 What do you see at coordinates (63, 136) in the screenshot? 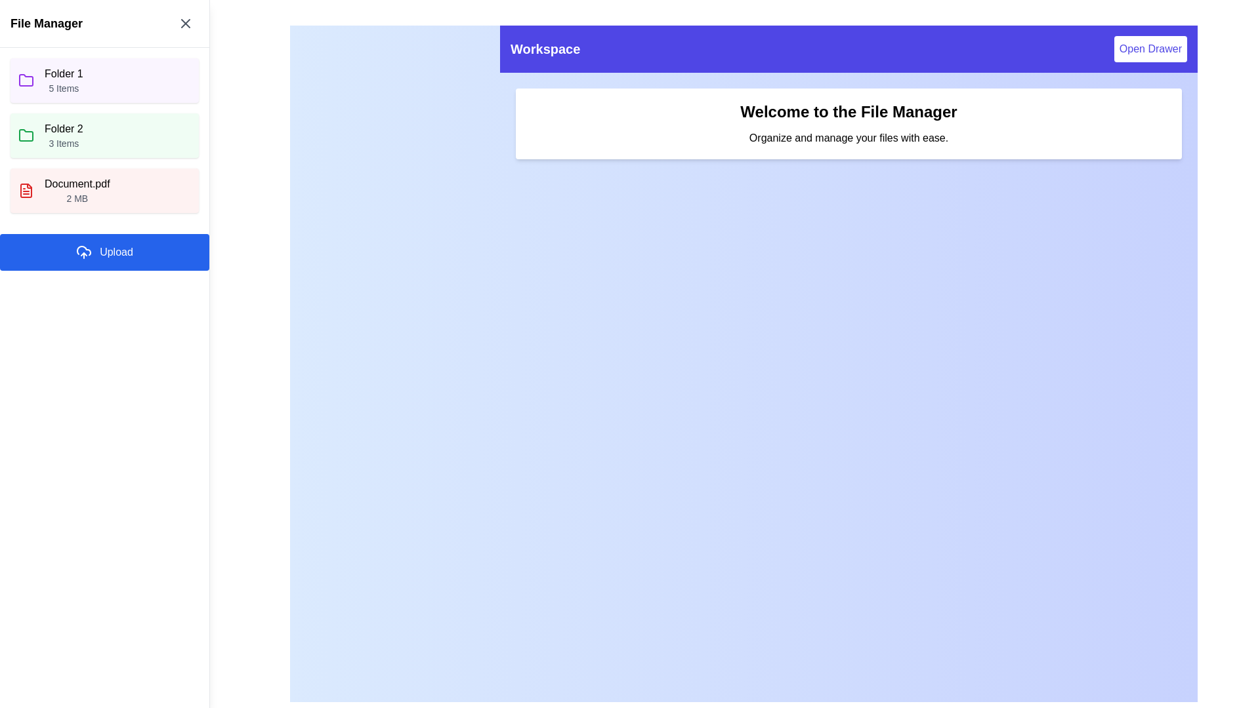
I see `the label 'Folder 2' which is the second item in the left sidebar of the File Manager interface, above 'Document.pdf' and below 'Folder 1'` at bounding box center [63, 136].